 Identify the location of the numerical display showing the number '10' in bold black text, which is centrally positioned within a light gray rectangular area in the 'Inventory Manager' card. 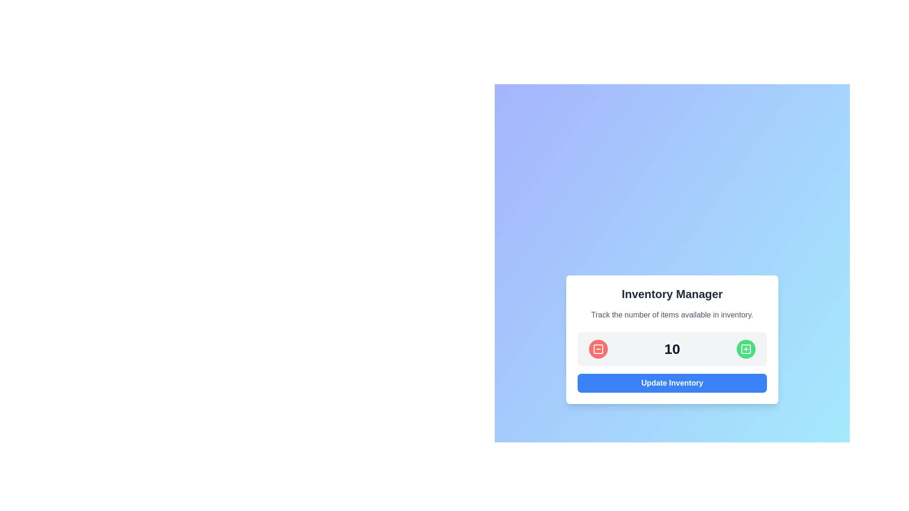
(672, 349).